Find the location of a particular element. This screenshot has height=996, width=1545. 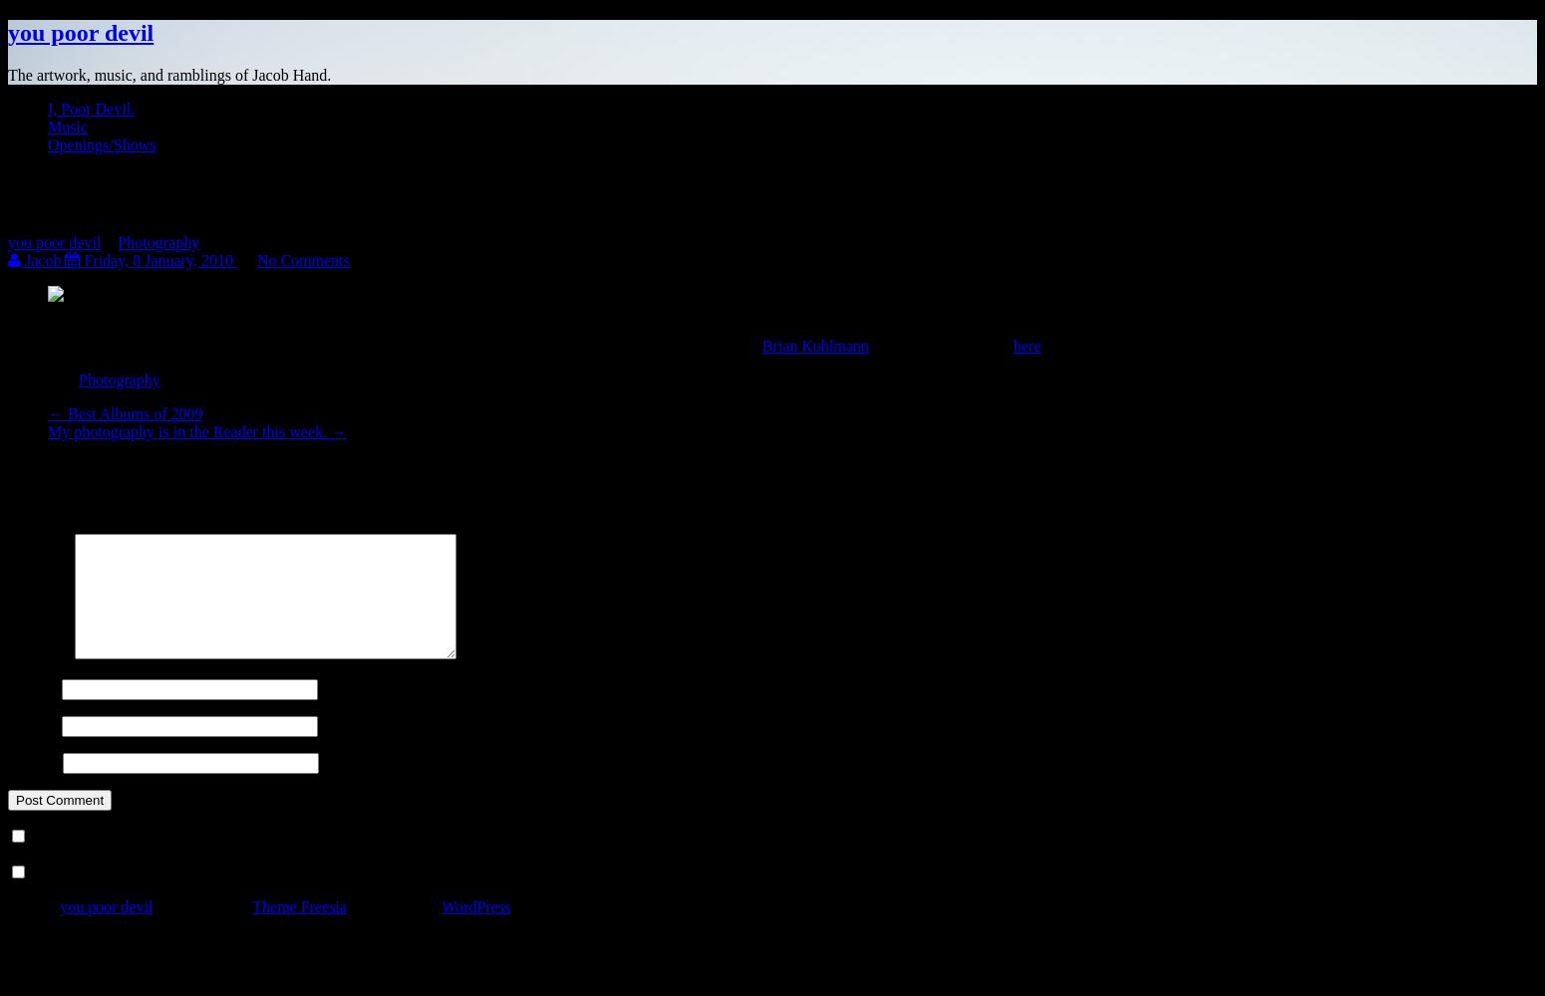

'Friday, 8 January, 2010' is located at coordinates (156, 259).